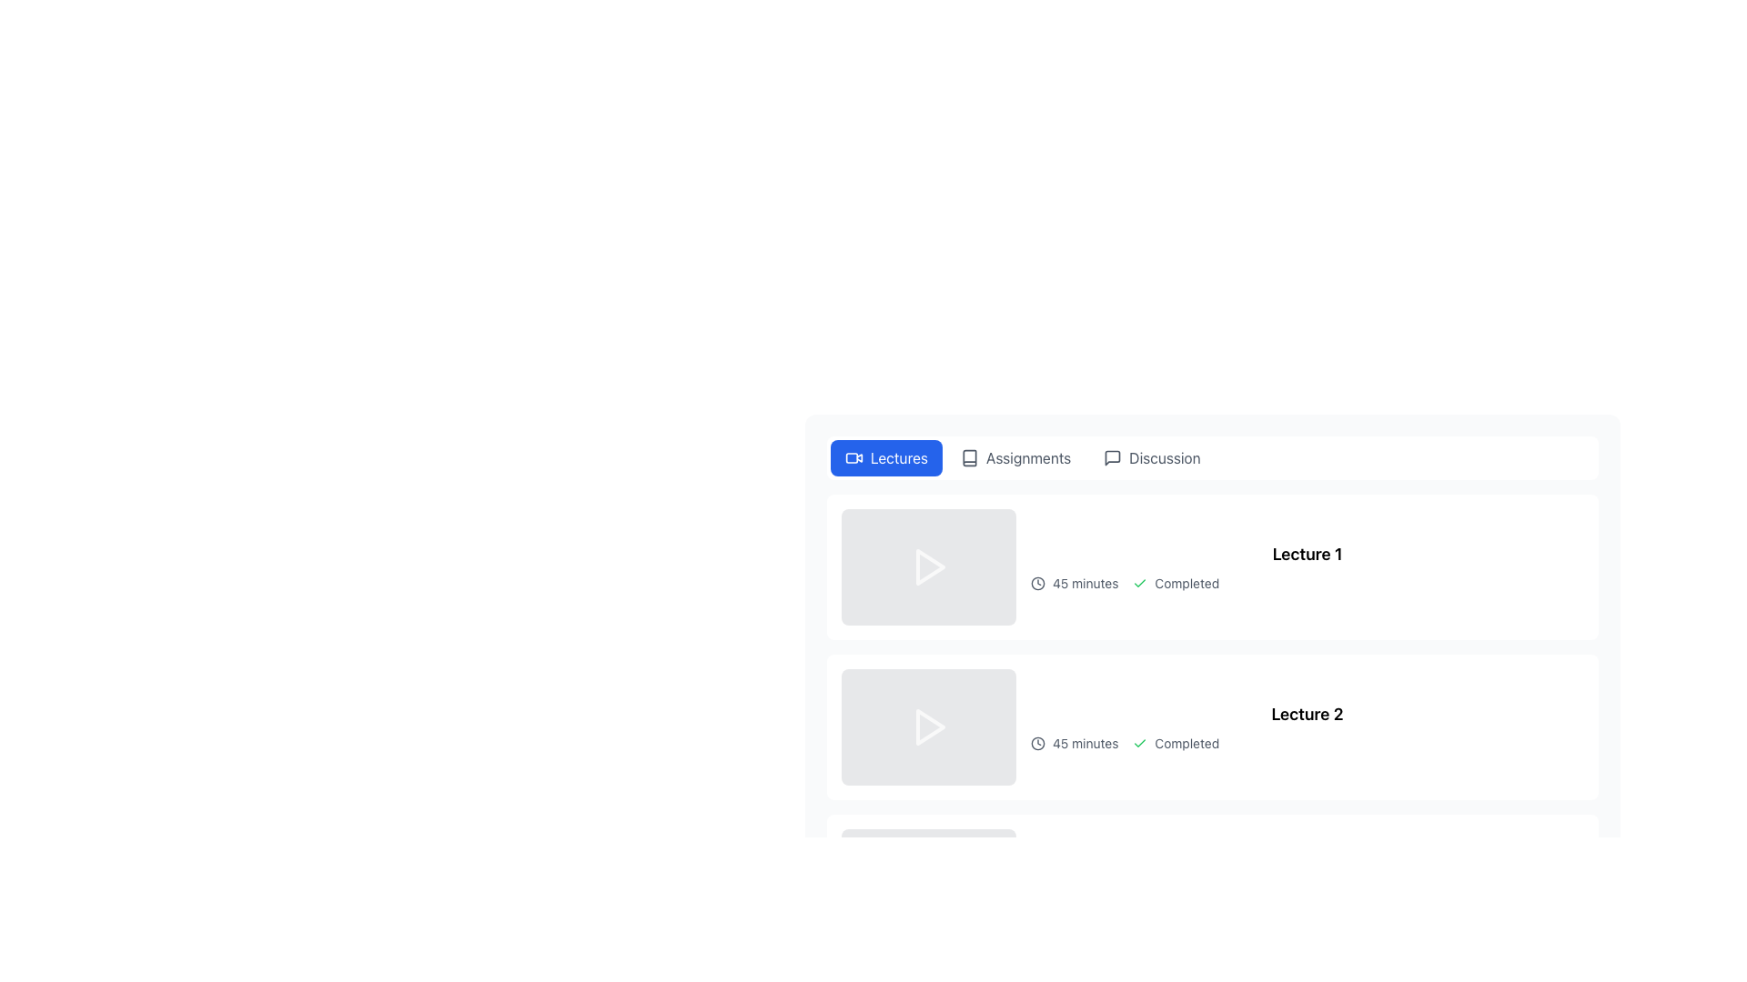 This screenshot has height=982, width=1747. I want to click on the text label that reads '45 minutes', which is styled in a smaller font size and gray color, located between a clock icon and a green check mark icon, so click(1086, 743).